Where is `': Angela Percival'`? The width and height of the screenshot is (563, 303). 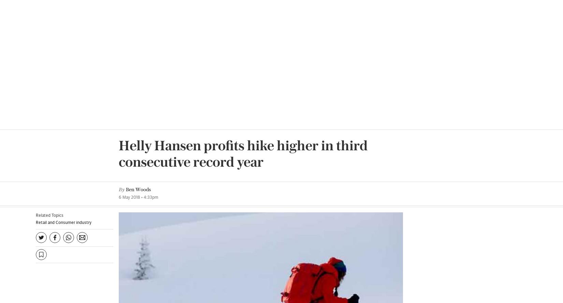 ': Angela Percival' is located at coordinates (338, 185).